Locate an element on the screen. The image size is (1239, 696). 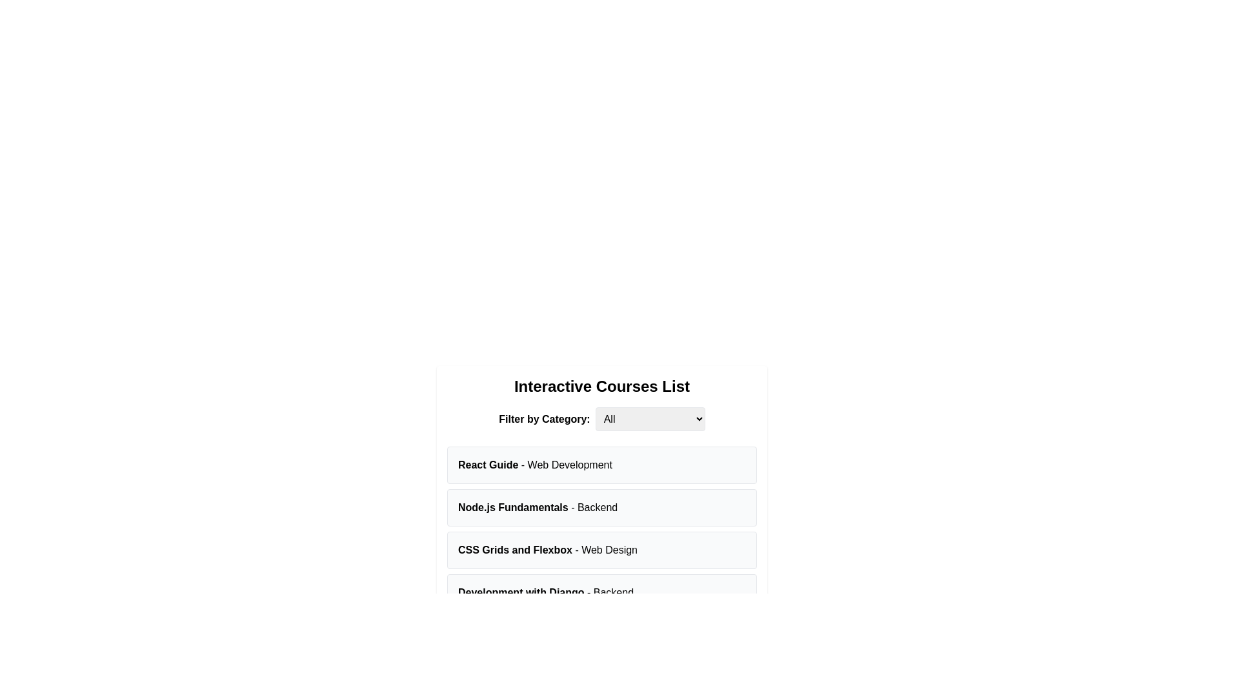
the Filter dropdown used for filtering interactive courses by categories is located at coordinates (601, 419).